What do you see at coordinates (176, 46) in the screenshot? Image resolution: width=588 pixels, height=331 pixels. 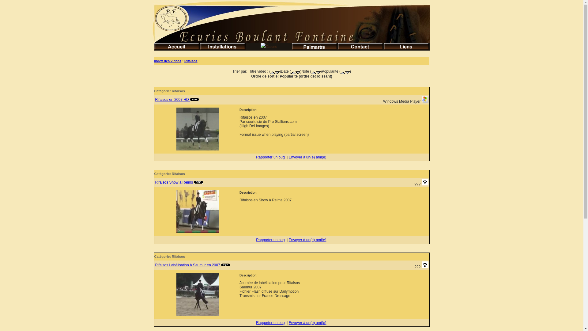 I see `'Accueil'` at bounding box center [176, 46].